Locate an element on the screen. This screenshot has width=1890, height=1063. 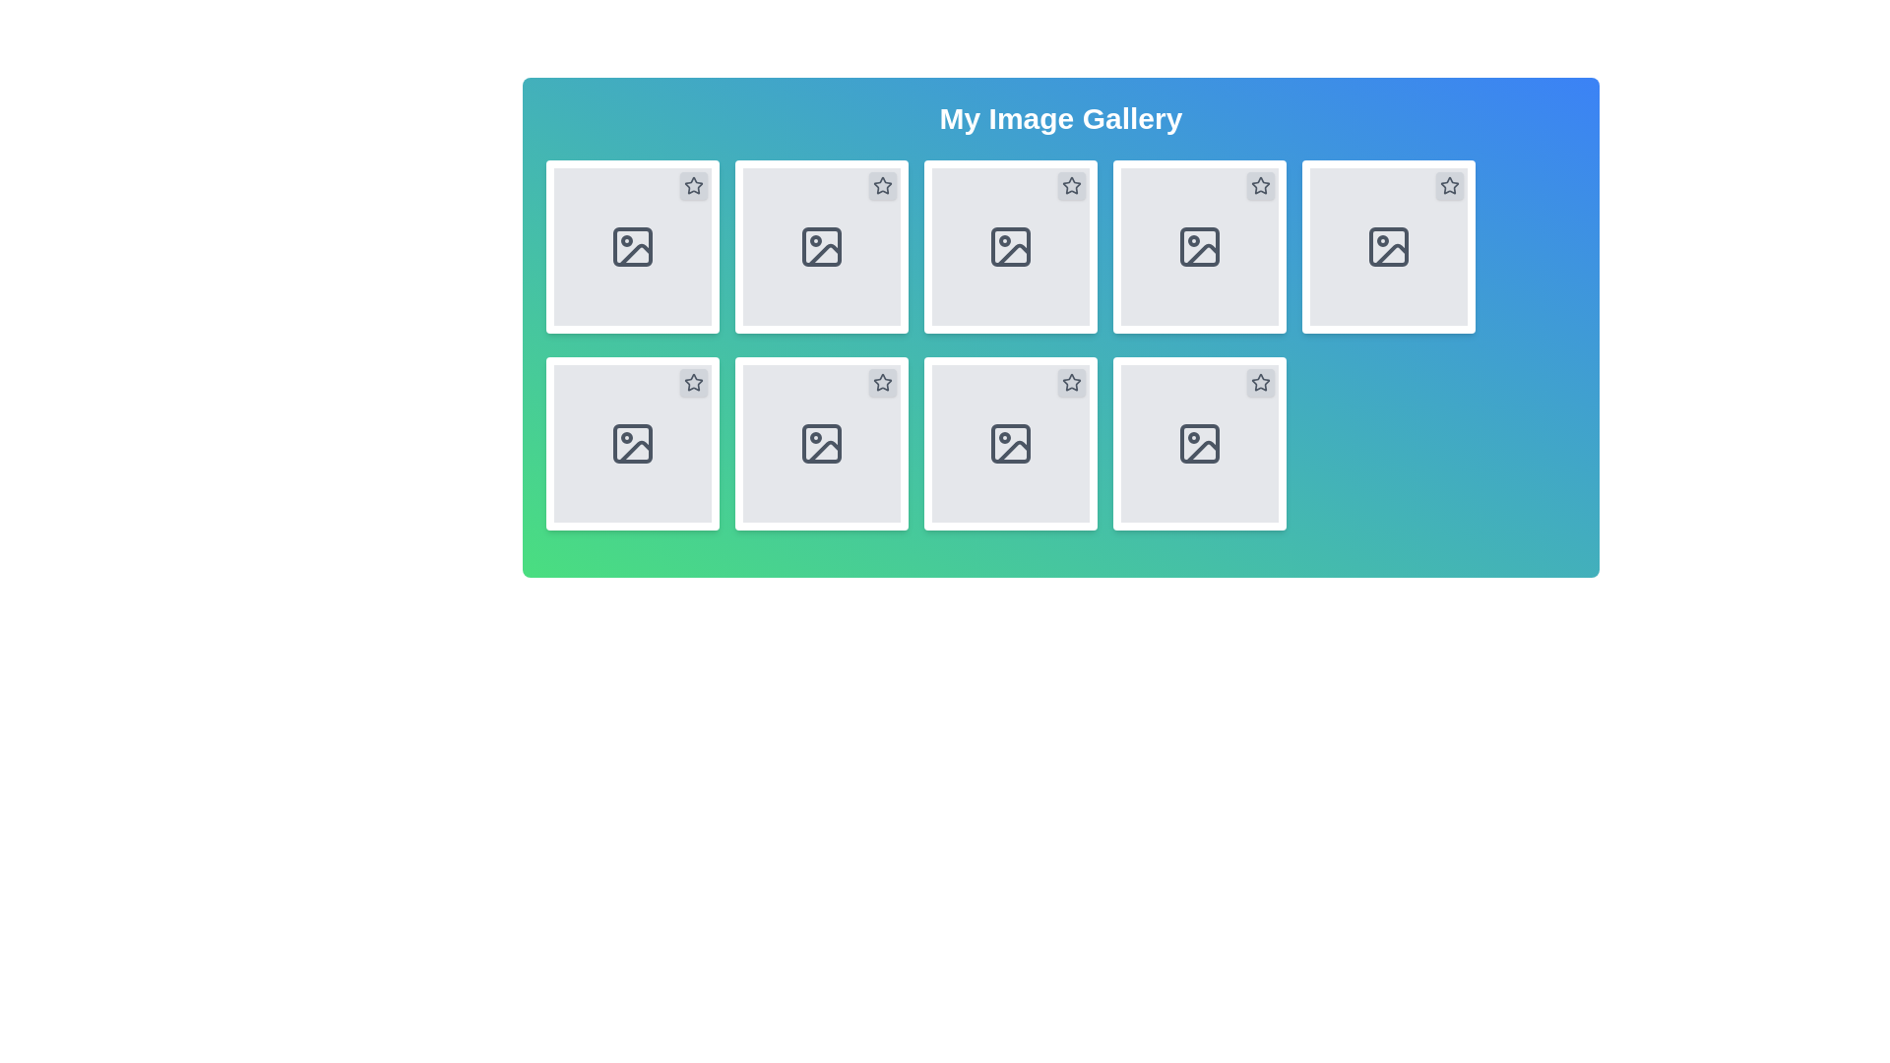
the star-shaped icon button with a hollow center located in the top-right corner of the image card is located at coordinates (694, 185).